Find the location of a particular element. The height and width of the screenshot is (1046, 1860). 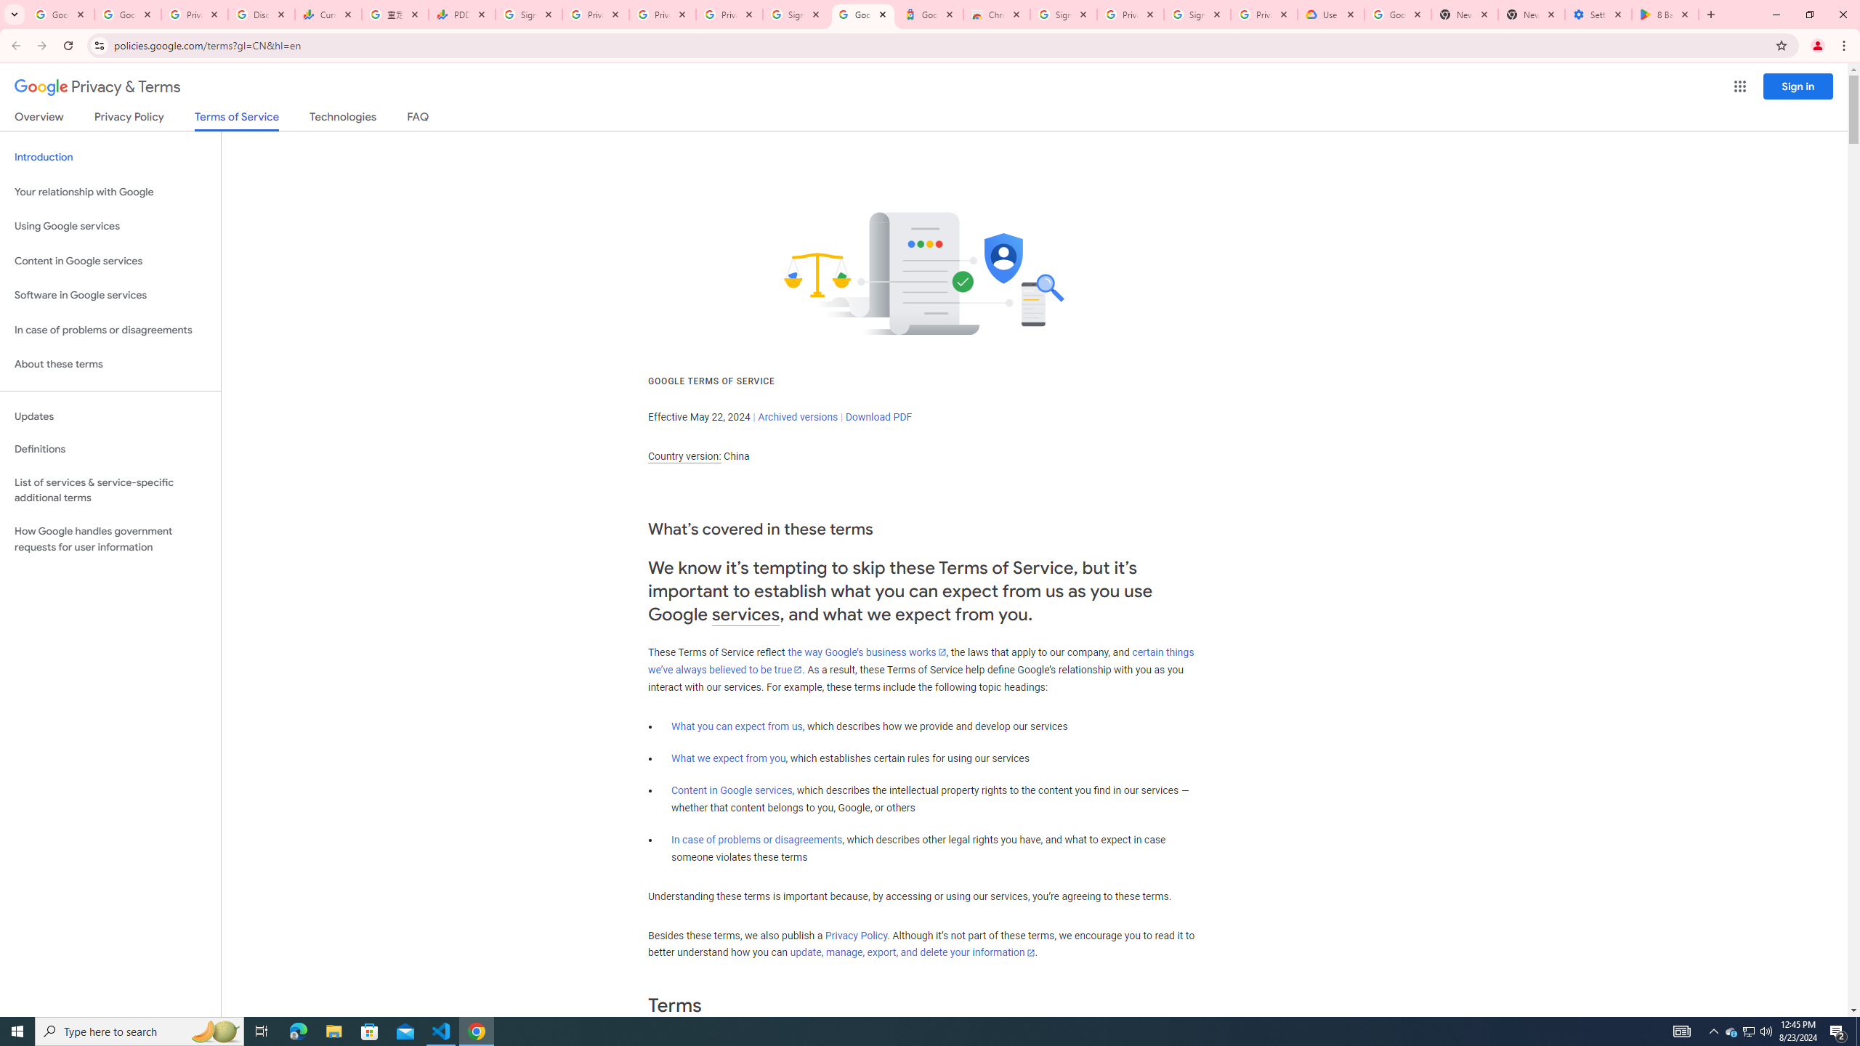

'Chrome Web Store - Color themes by Chrome' is located at coordinates (995, 14).